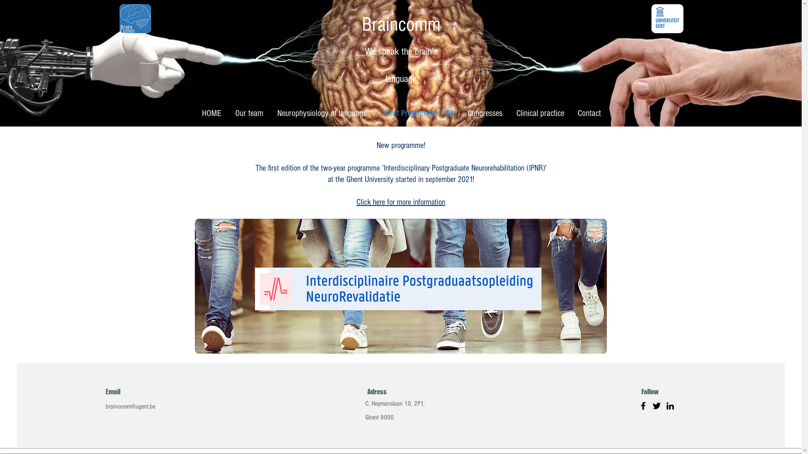 The width and height of the screenshot is (808, 454). What do you see at coordinates (105, 406) in the screenshot?
I see `'braincomm@ugent.be'` at bounding box center [105, 406].